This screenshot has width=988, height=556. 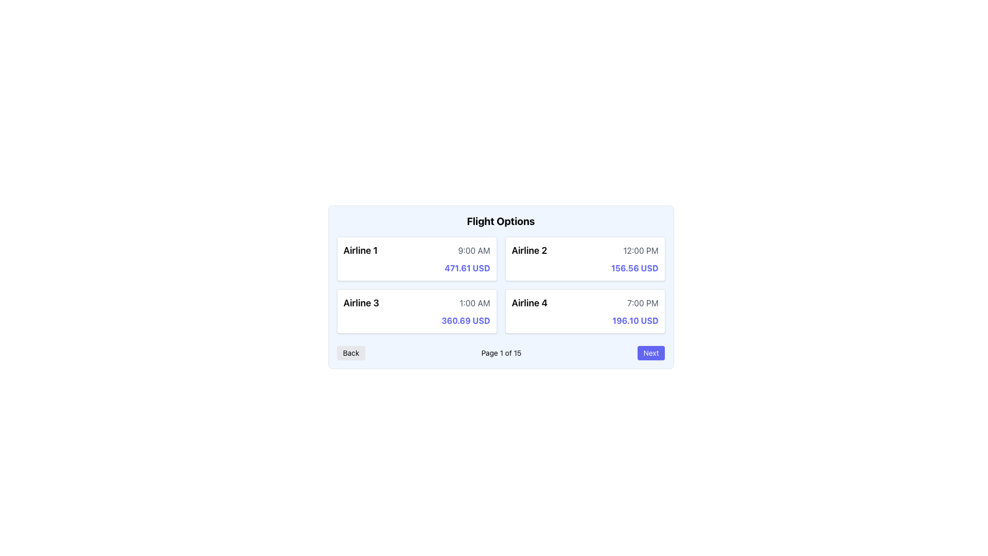 I want to click on the text label displaying the airline name 'Airline 4', located in the bottom right corner of the interface within the fourth card of a two-by-two grid, so click(x=530, y=303).